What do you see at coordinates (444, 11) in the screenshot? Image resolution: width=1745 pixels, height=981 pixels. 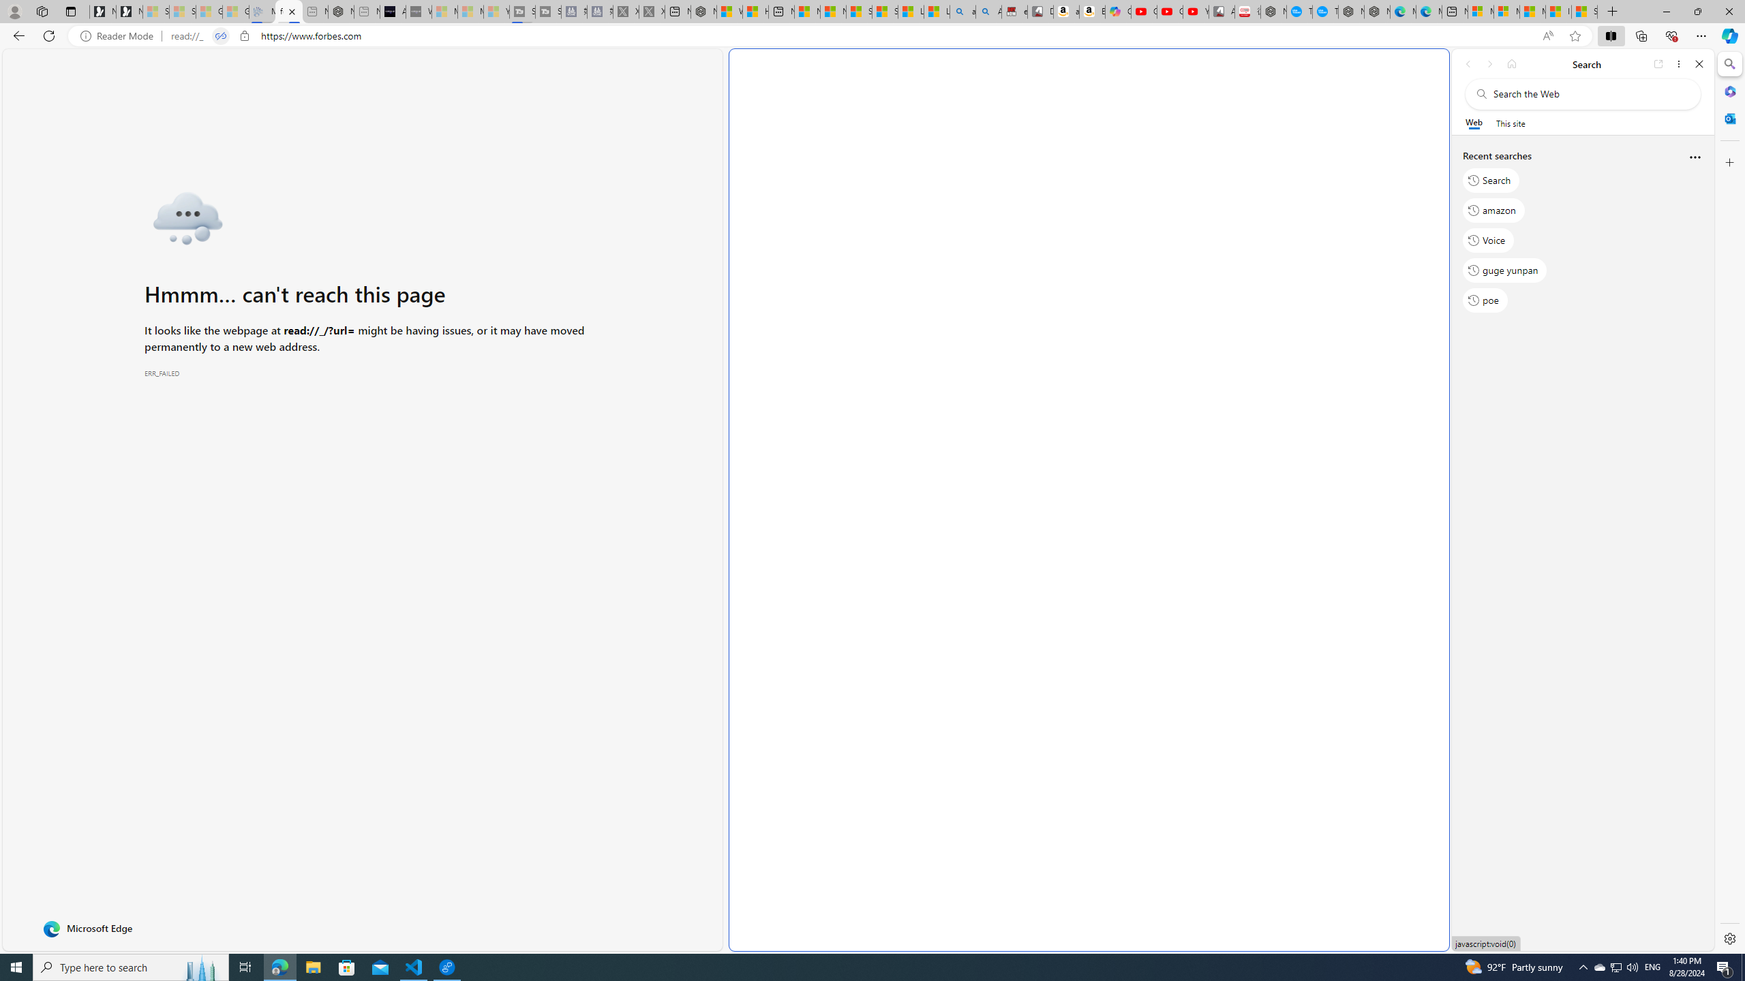 I see `'Microsoft Start Sports - Sleeping'` at bounding box center [444, 11].